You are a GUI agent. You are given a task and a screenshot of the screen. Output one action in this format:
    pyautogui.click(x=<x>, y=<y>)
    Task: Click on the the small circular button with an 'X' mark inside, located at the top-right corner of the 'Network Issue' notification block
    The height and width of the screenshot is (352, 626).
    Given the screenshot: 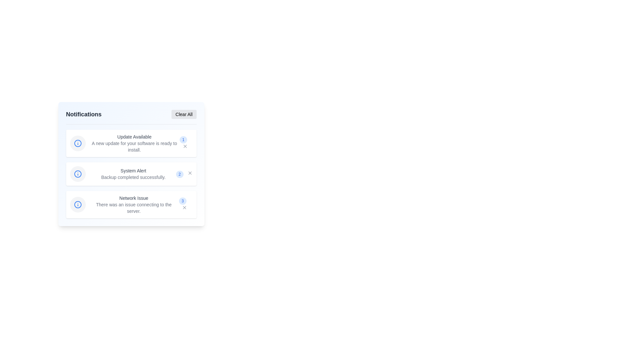 What is the action you would take?
    pyautogui.click(x=184, y=207)
    